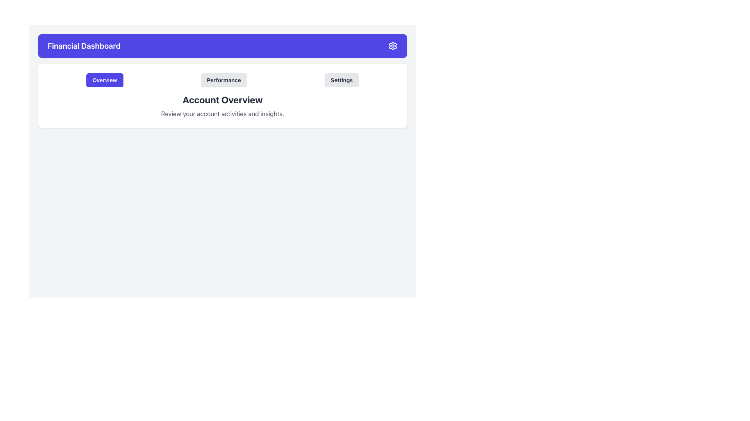 The height and width of the screenshot is (421, 750). I want to click on the gear icon representing settings located at the far right end of the top navigation bar, so click(393, 46).